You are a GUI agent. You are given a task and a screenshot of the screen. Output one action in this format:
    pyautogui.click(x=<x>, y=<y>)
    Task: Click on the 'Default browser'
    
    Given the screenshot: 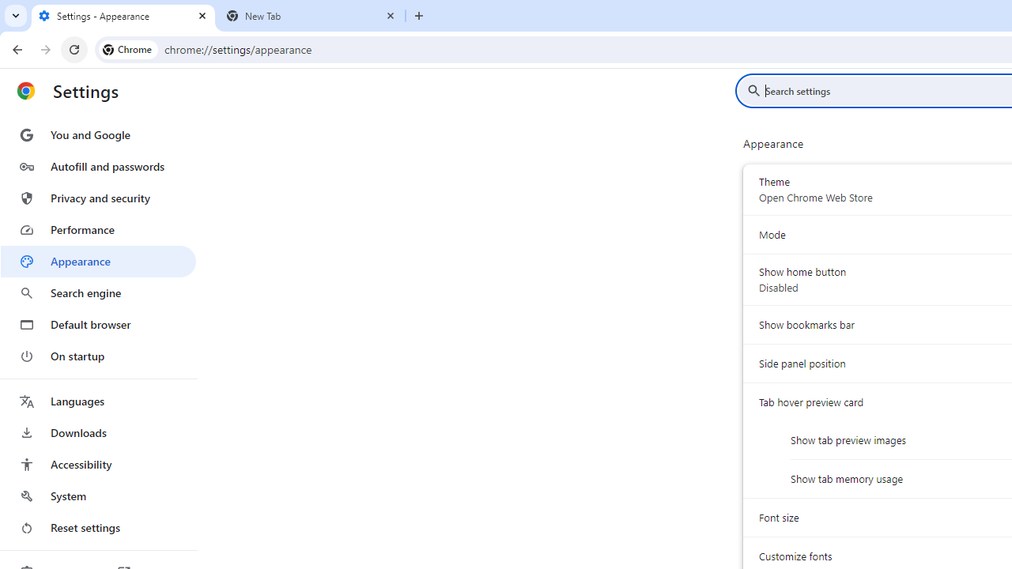 What is the action you would take?
    pyautogui.click(x=97, y=324)
    